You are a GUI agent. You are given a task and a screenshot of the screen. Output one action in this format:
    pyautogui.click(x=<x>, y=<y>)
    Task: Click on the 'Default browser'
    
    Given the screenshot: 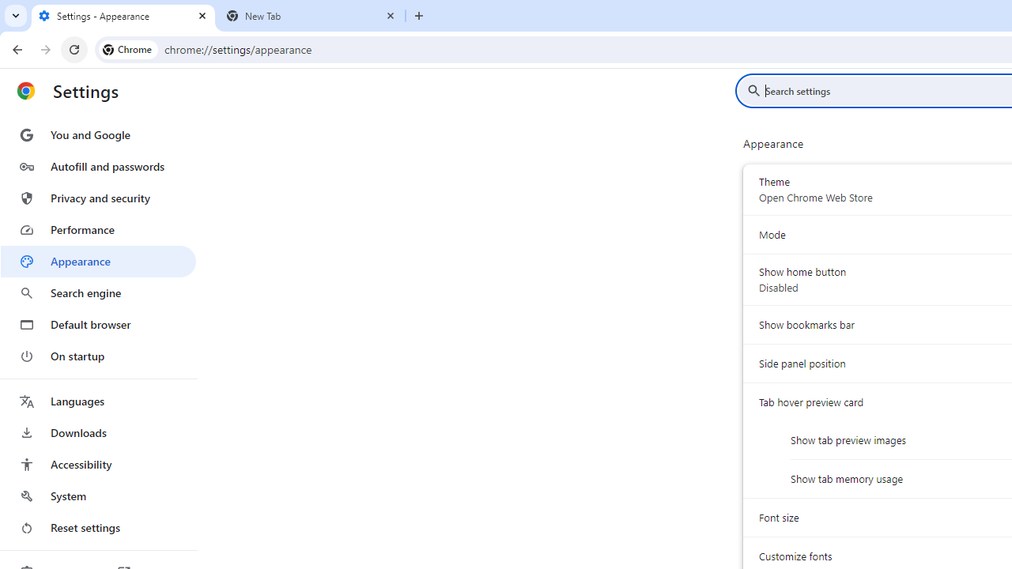 What is the action you would take?
    pyautogui.click(x=97, y=324)
    